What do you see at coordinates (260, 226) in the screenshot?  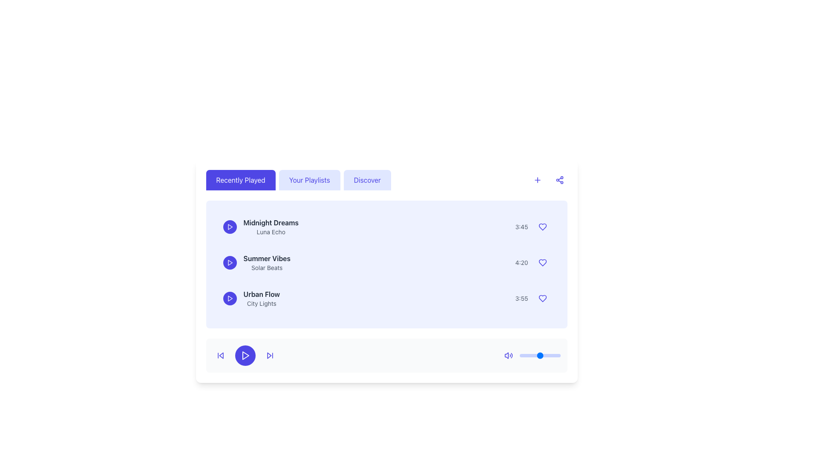 I see `displayed title and artist information of the first song entry in the vertical list, which is represented by the Text display component` at bounding box center [260, 226].